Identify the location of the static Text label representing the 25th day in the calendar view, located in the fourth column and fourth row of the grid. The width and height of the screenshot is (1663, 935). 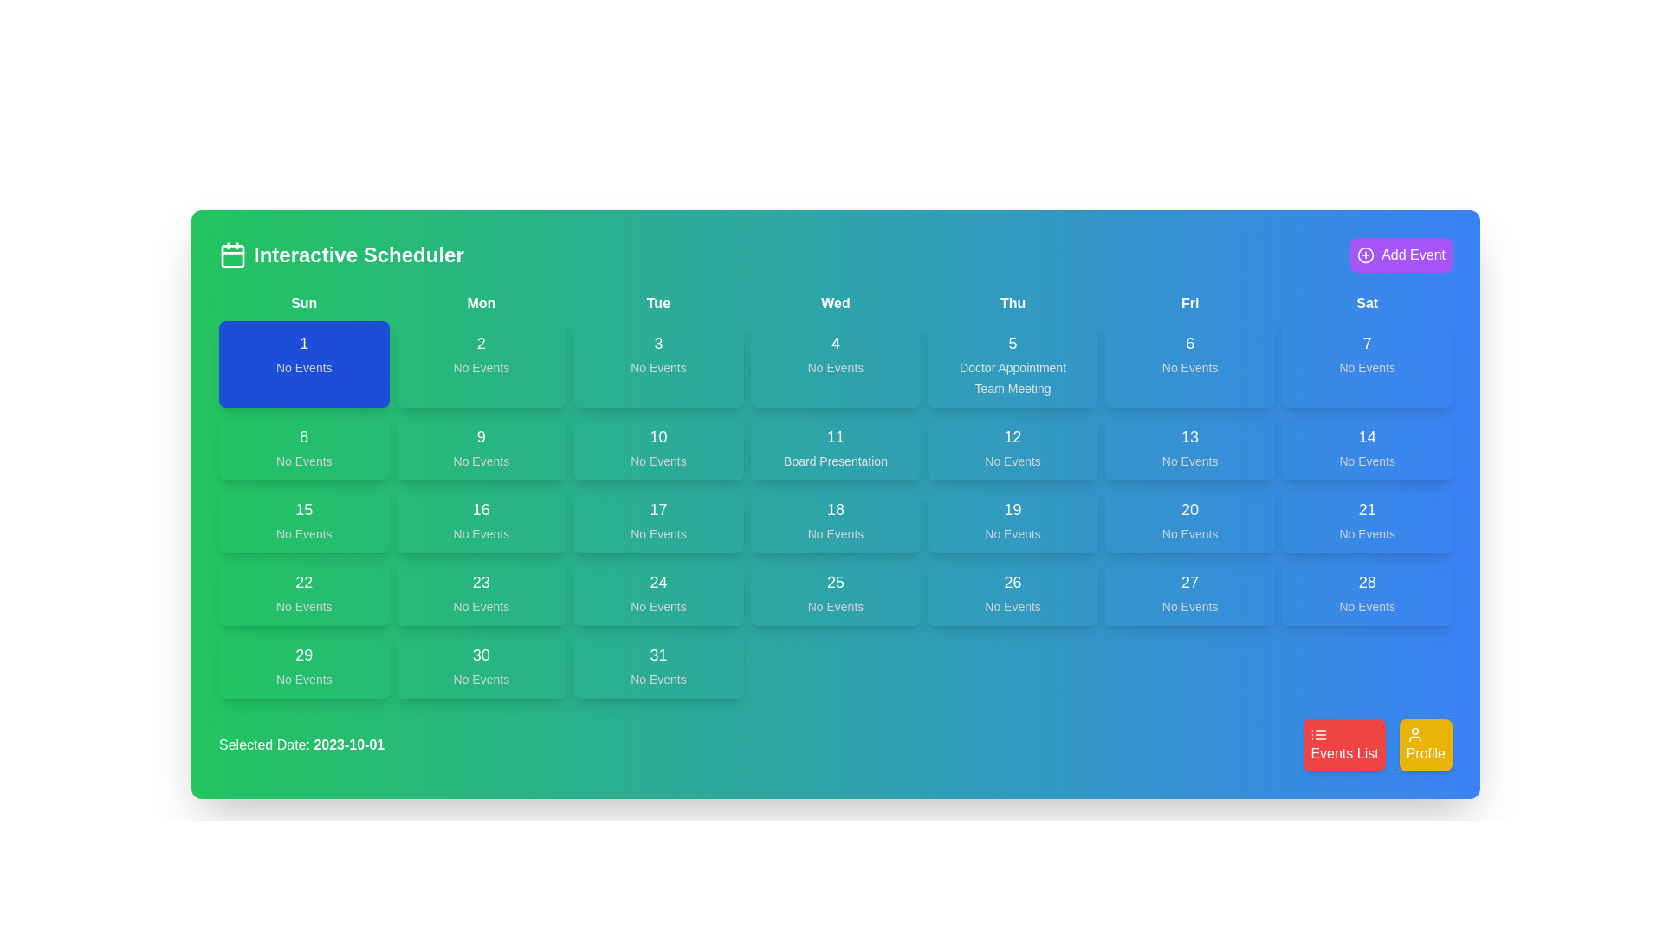
(835, 582).